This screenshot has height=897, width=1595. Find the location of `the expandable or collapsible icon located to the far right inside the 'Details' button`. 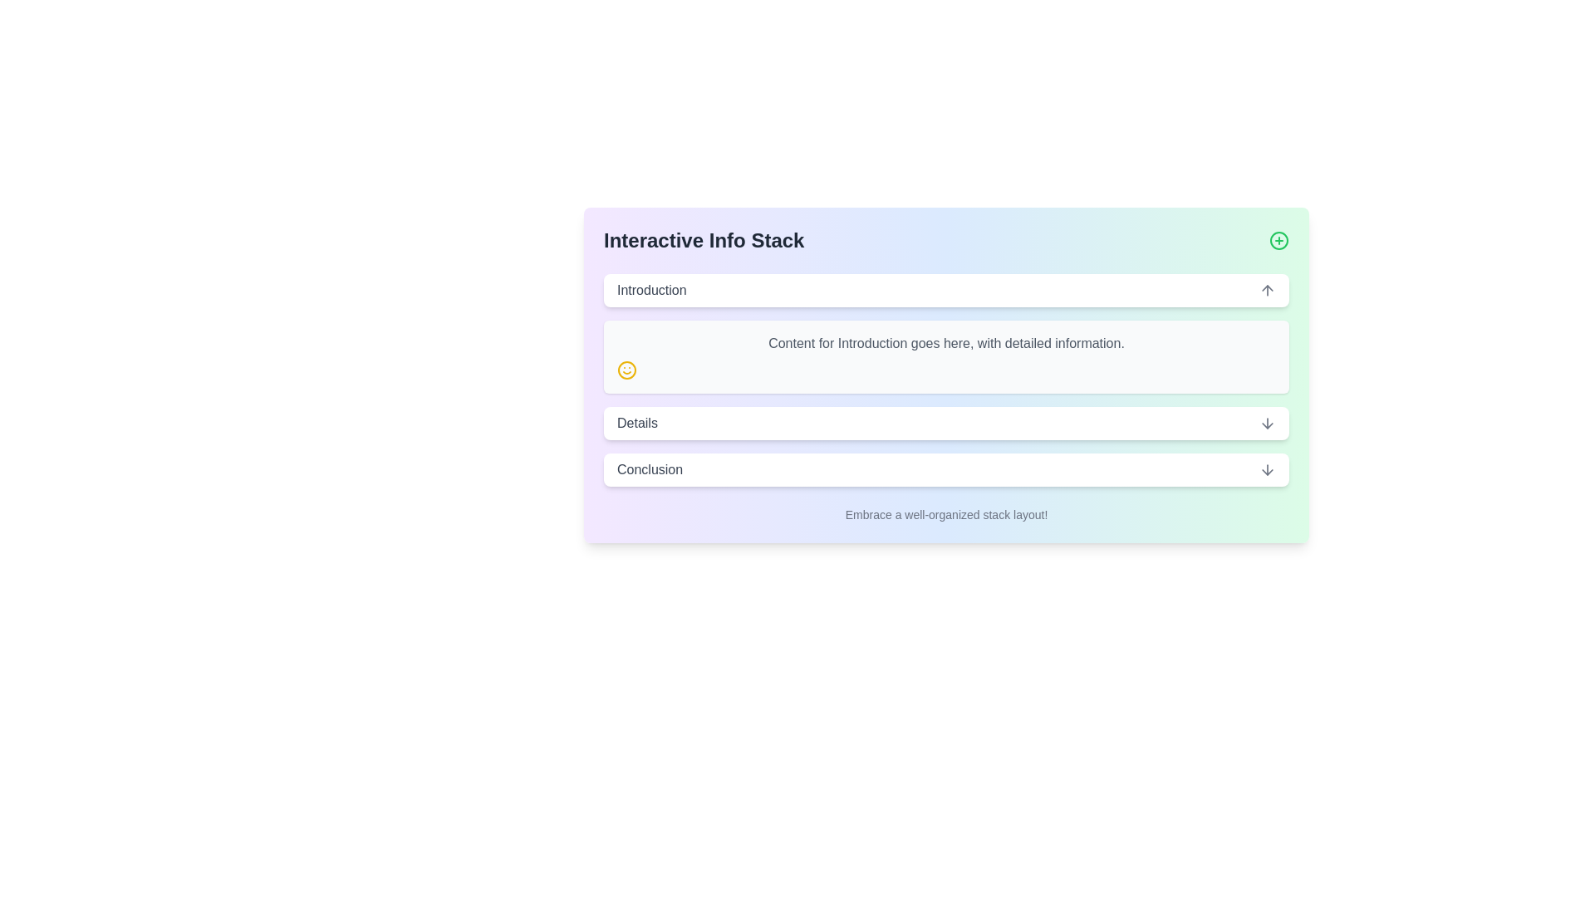

the expandable or collapsible icon located to the far right inside the 'Details' button is located at coordinates (1267, 422).